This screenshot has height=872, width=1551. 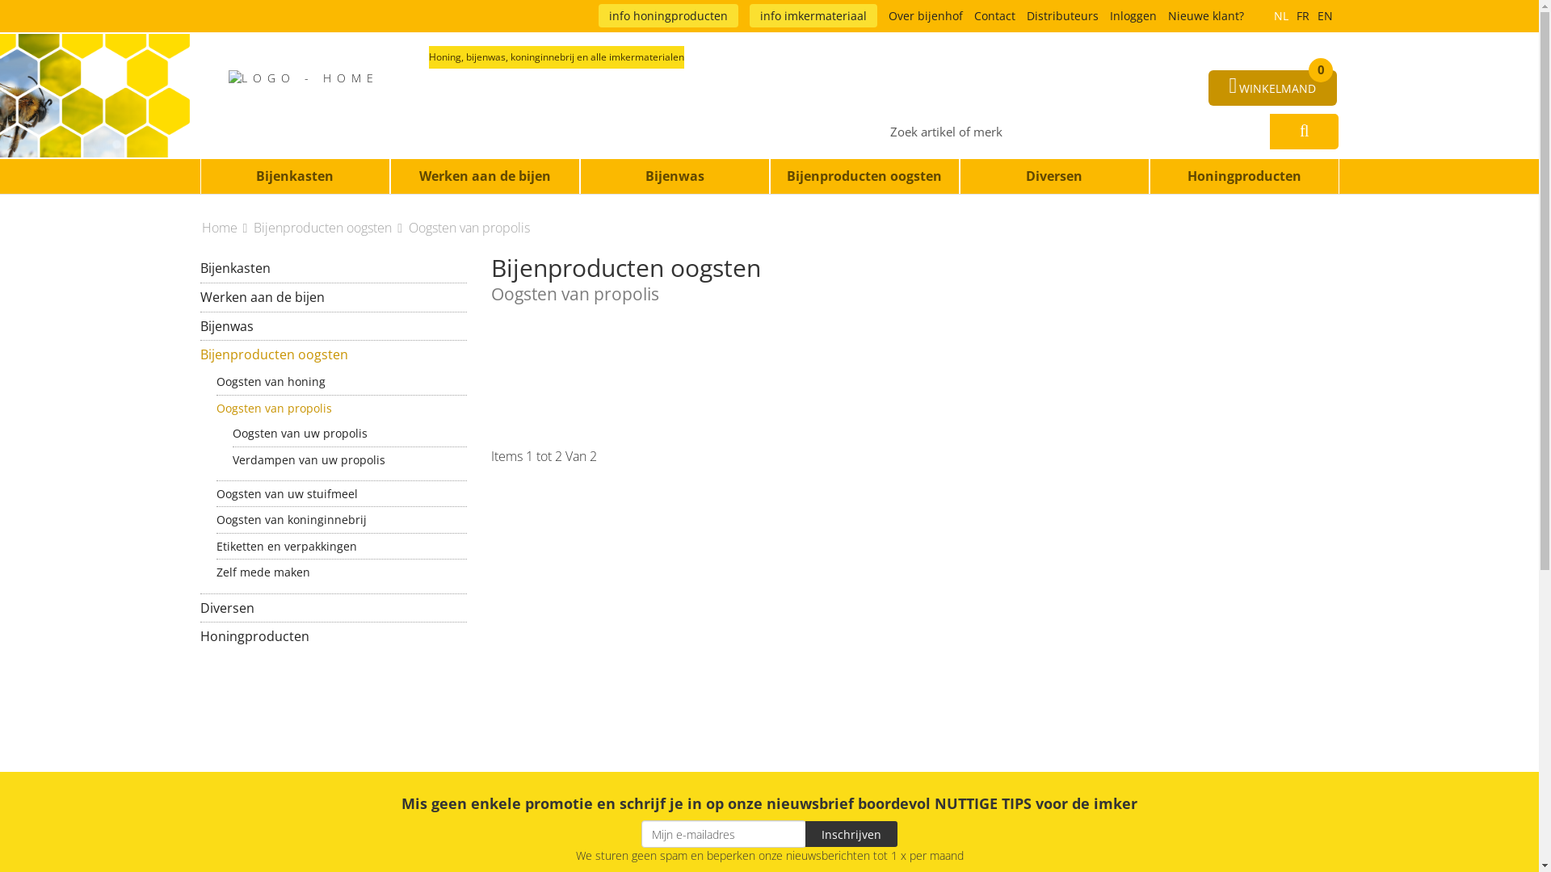 What do you see at coordinates (340, 519) in the screenshot?
I see `'Oogsten van koninginnebrij'` at bounding box center [340, 519].